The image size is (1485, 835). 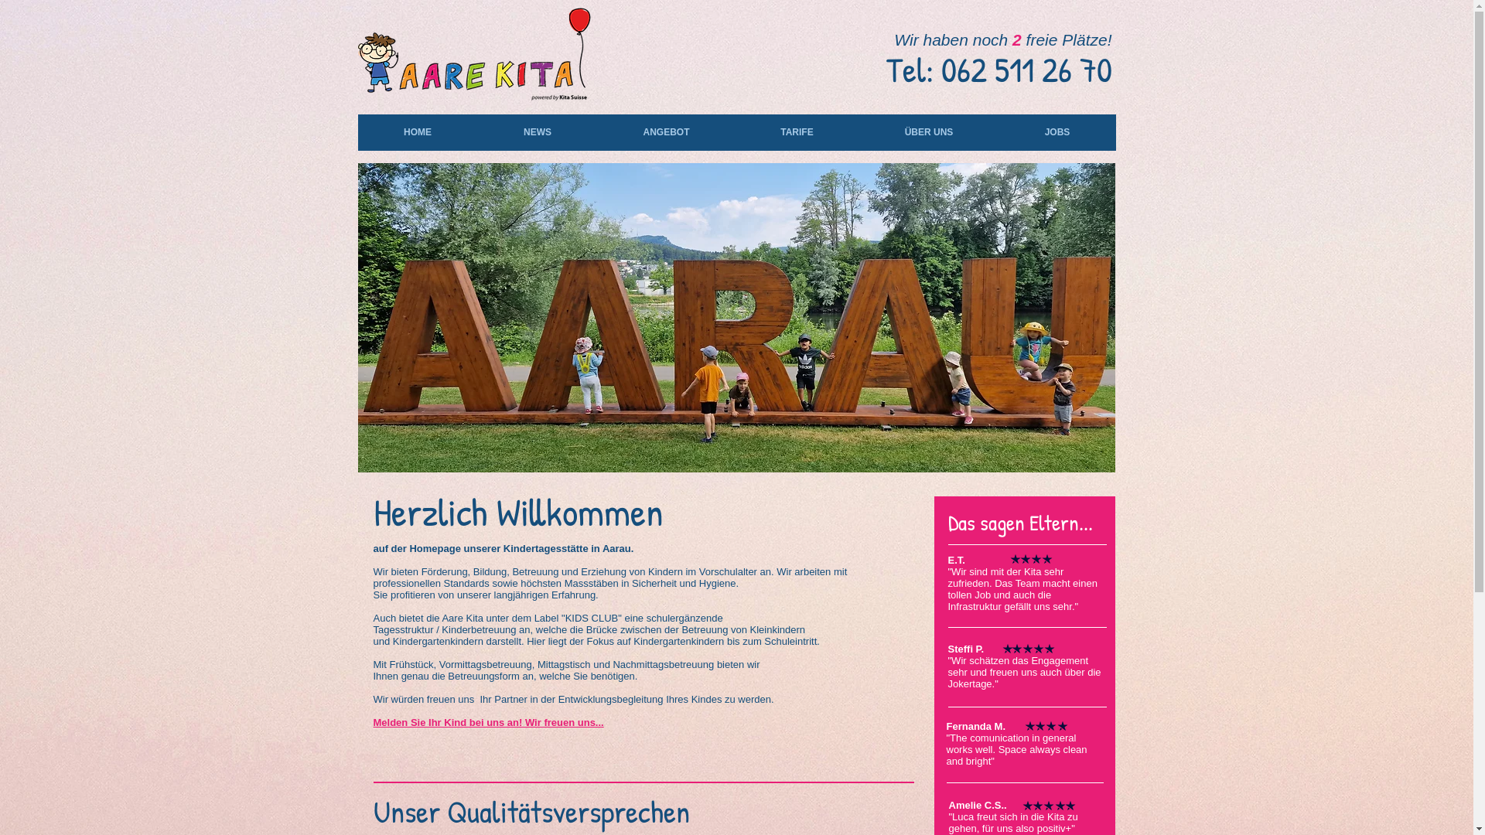 I want to click on 'Melden Sie Ihr Kind bei uns an! Wir freuen uns...', so click(x=486, y=722).